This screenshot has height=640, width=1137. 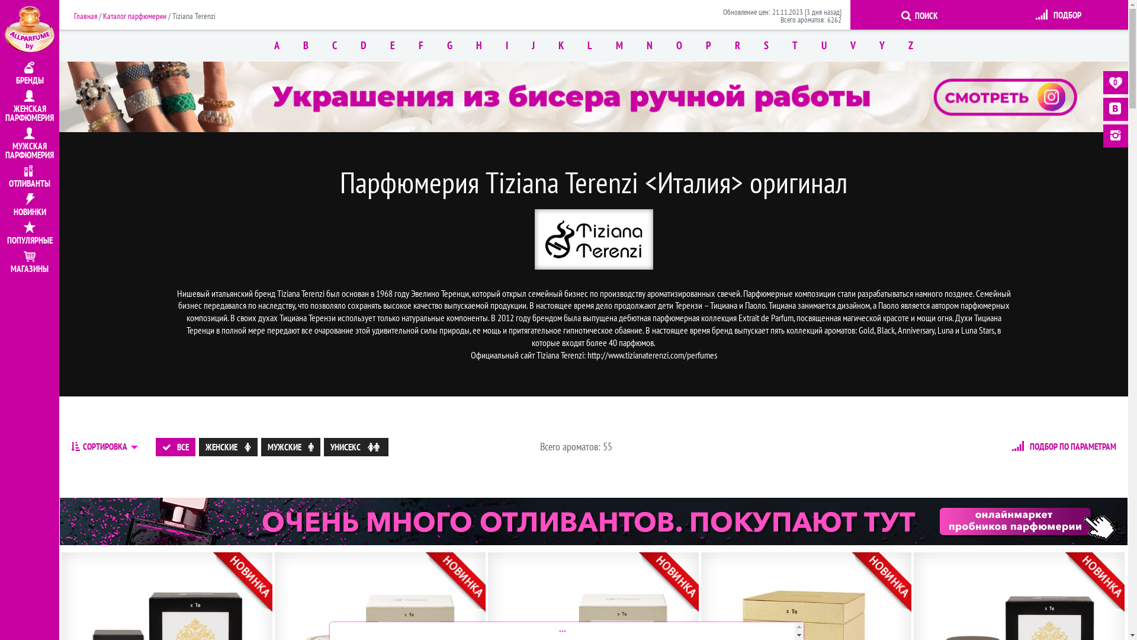 What do you see at coordinates (619, 45) in the screenshot?
I see `'M'` at bounding box center [619, 45].